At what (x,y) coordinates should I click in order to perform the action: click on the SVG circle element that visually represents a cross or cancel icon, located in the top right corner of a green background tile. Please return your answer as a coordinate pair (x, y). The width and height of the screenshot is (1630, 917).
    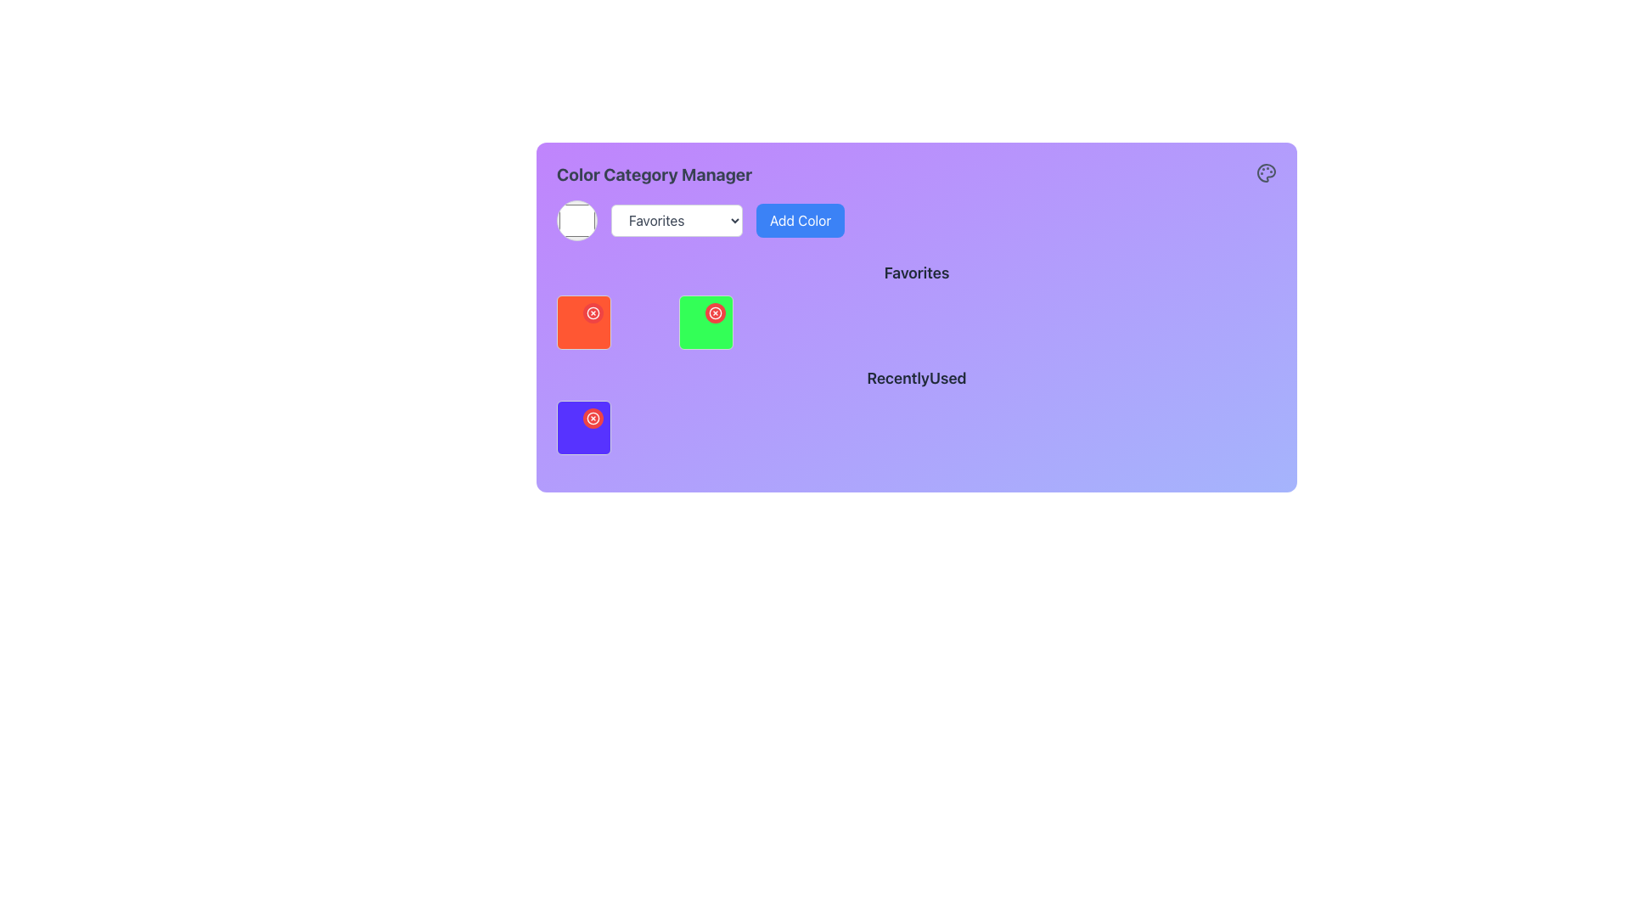
    Looking at the image, I should click on (593, 419).